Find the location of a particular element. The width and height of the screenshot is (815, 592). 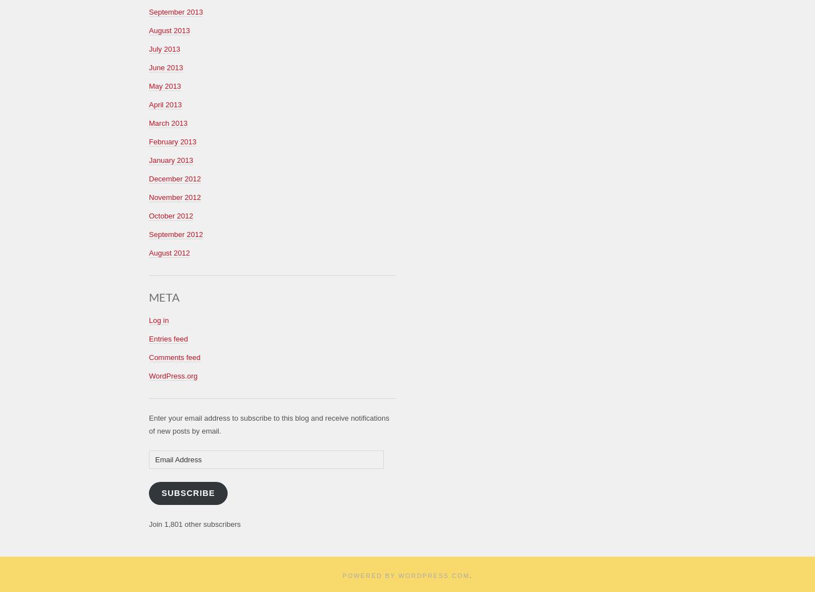

'April 2013' is located at coordinates (165, 103).